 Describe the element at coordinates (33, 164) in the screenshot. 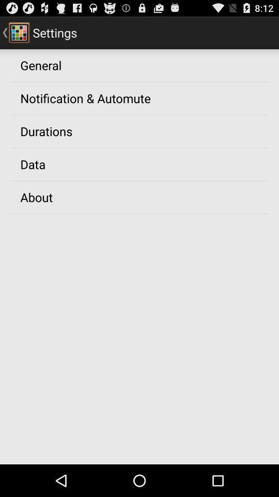

I see `the item below the durations` at that location.